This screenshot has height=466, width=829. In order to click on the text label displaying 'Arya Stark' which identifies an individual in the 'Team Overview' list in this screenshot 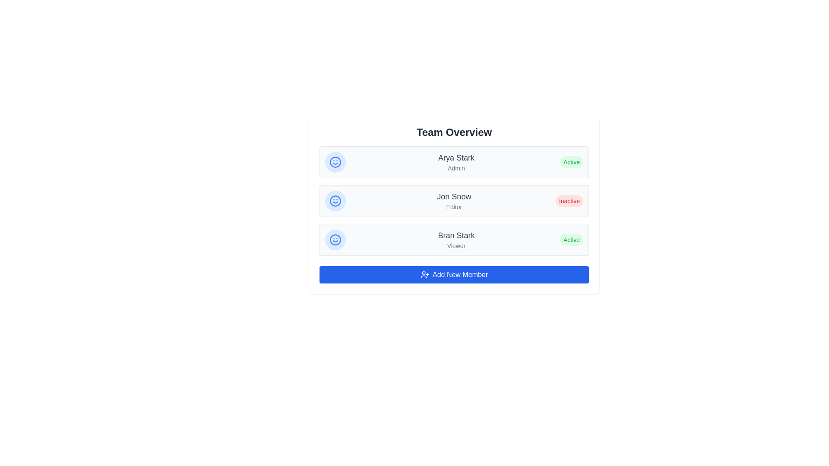, I will do `click(456, 158)`.